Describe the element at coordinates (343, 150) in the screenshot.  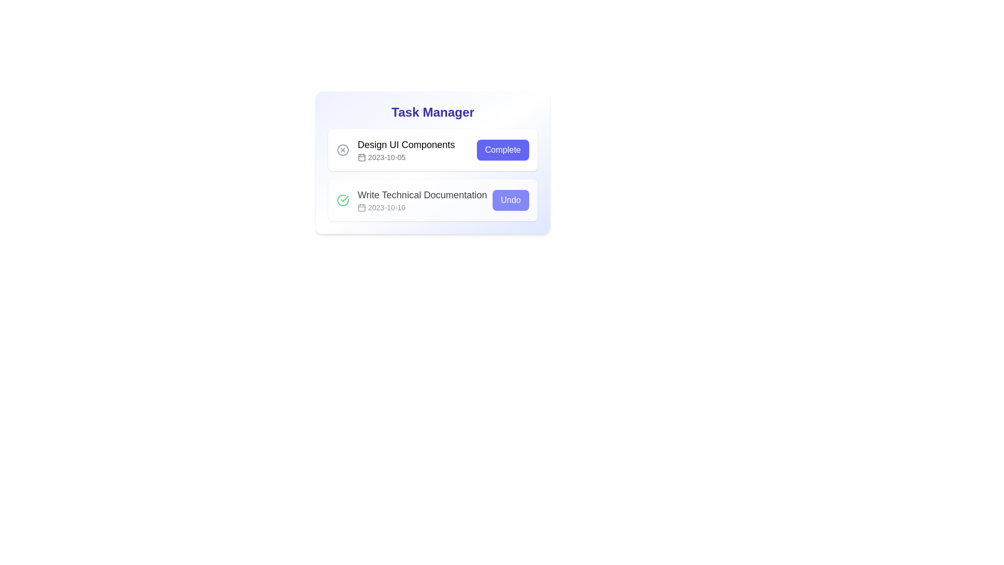
I see `the task icon Design UI Components to toggle its completion state` at that location.